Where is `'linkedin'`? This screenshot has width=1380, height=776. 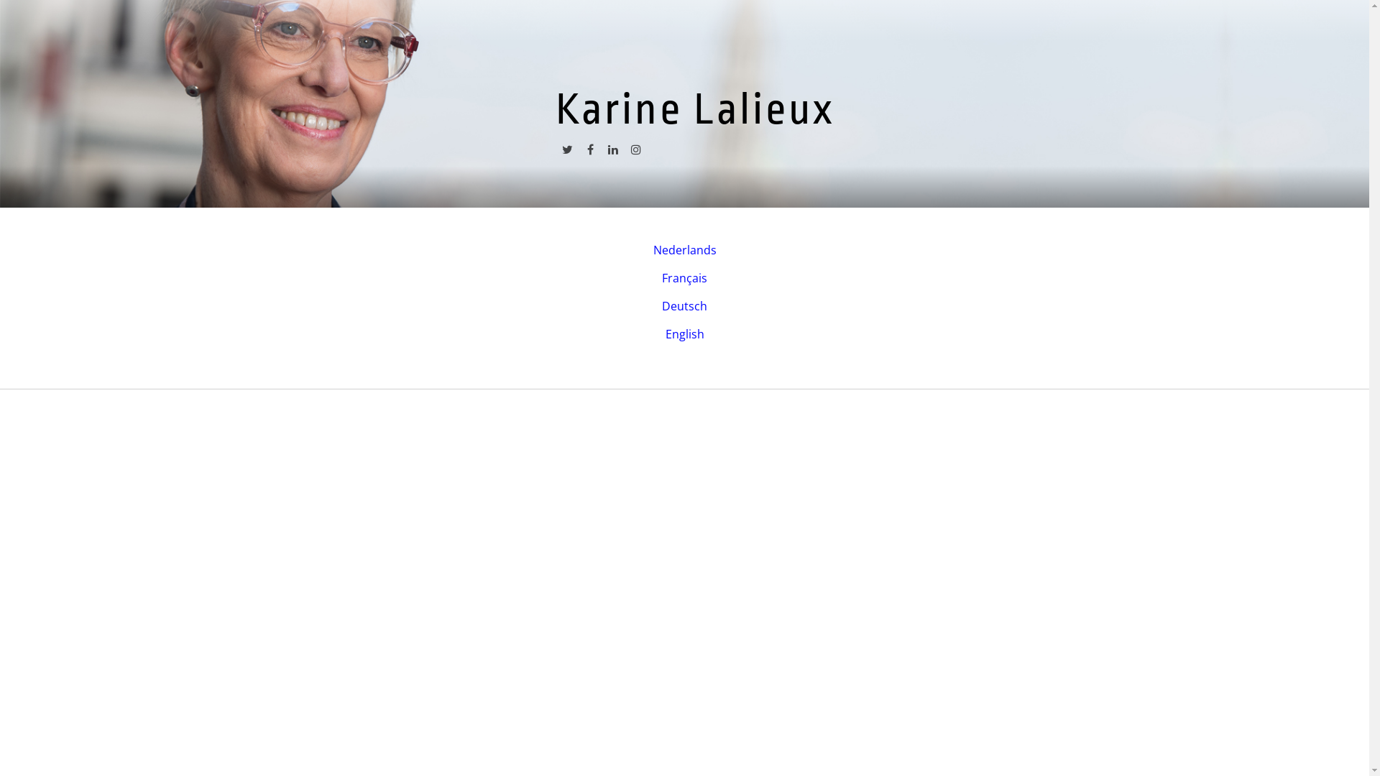
'linkedin' is located at coordinates (613, 152).